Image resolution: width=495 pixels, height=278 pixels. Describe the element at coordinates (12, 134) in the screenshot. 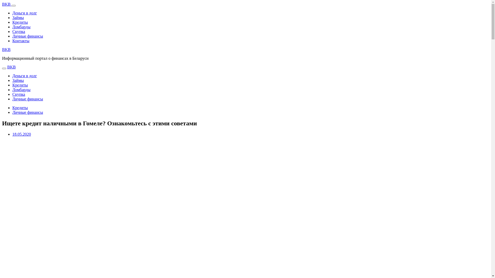

I see `'18.05.2020'` at that location.